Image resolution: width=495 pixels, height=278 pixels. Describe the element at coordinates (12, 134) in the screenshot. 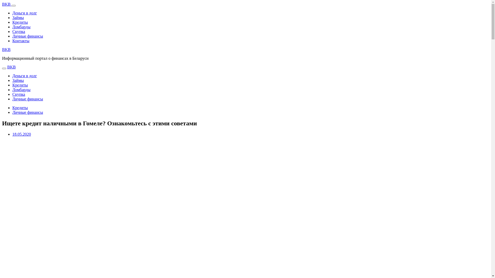

I see `'18.05.2020'` at that location.